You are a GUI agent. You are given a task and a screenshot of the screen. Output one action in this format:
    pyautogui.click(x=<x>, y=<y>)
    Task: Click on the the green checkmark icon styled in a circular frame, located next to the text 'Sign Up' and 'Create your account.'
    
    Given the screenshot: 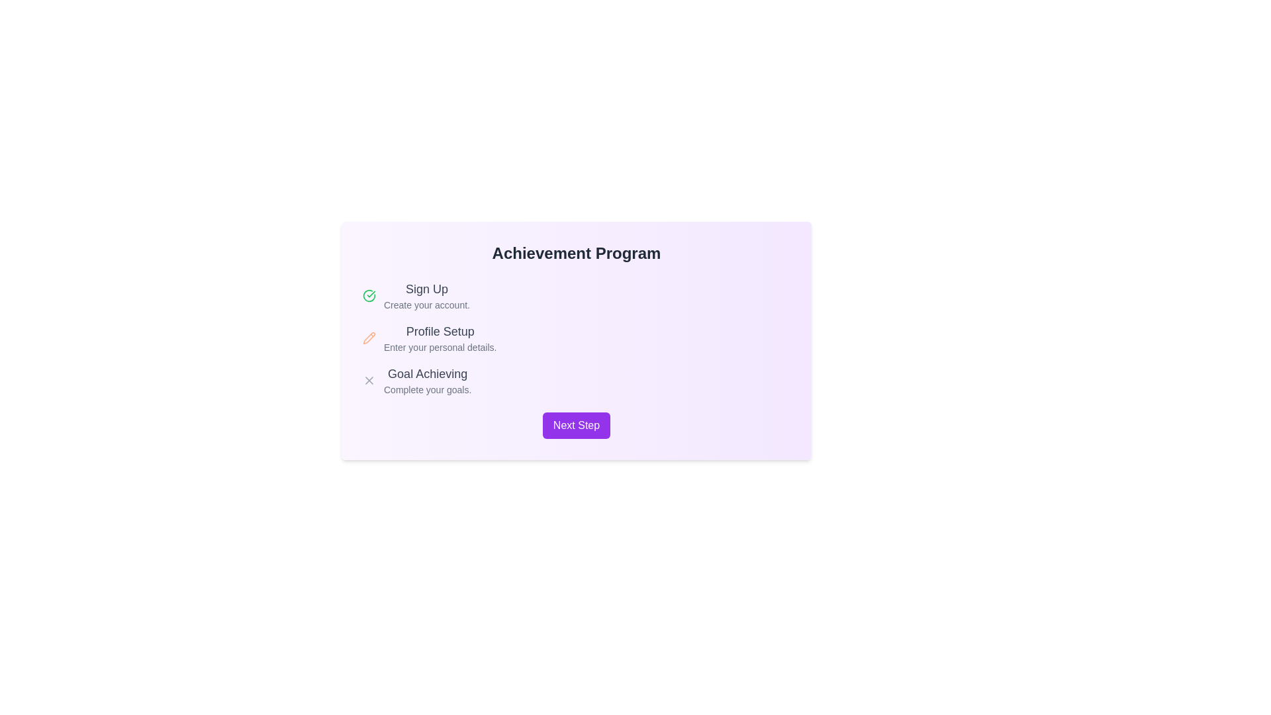 What is the action you would take?
    pyautogui.click(x=369, y=295)
    